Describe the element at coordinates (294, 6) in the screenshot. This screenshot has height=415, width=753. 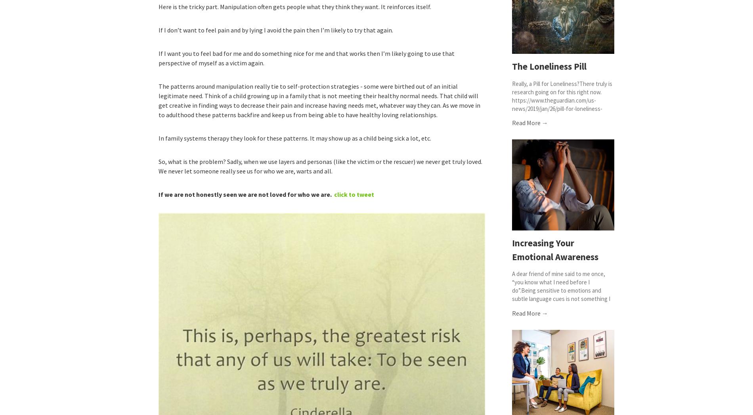
I see `'Here is the tricky part. Manipulation often gets people what they think they want. It reinforces itself.'` at that location.